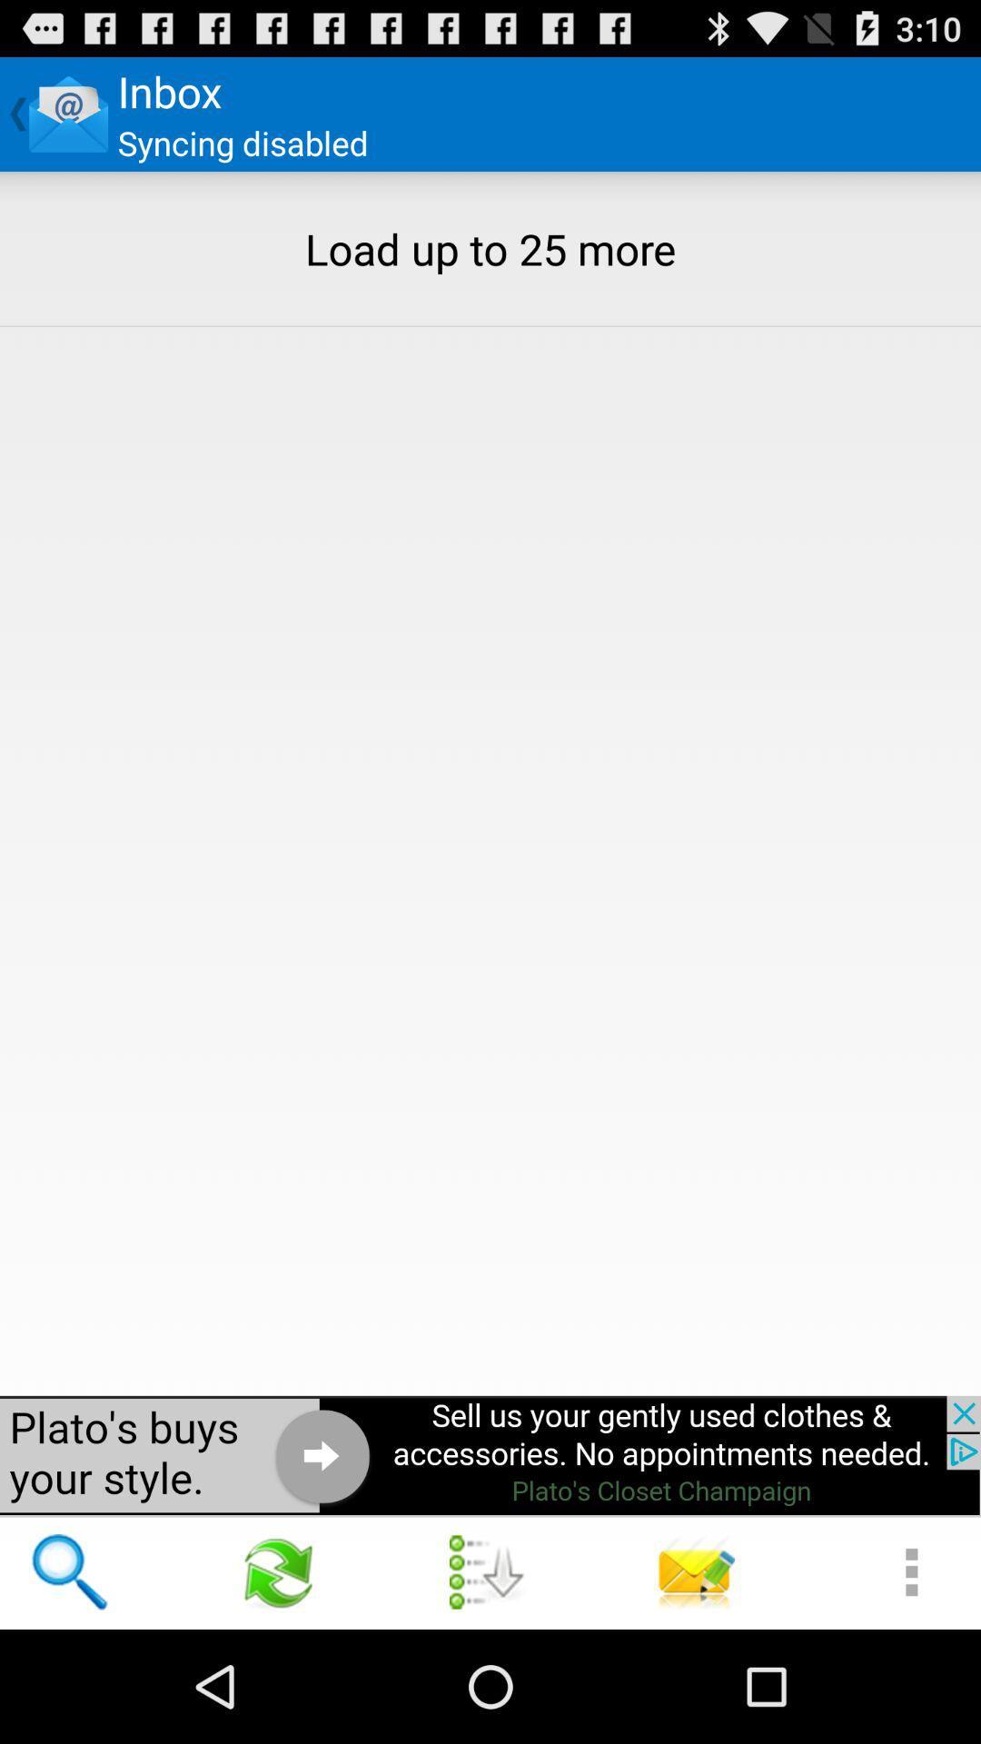 The width and height of the screenshot is (981, 1744). What do you see at coordinates (490, 1455) in the screenshot?
I see `advatisment` at bounding box center [490, 1455].